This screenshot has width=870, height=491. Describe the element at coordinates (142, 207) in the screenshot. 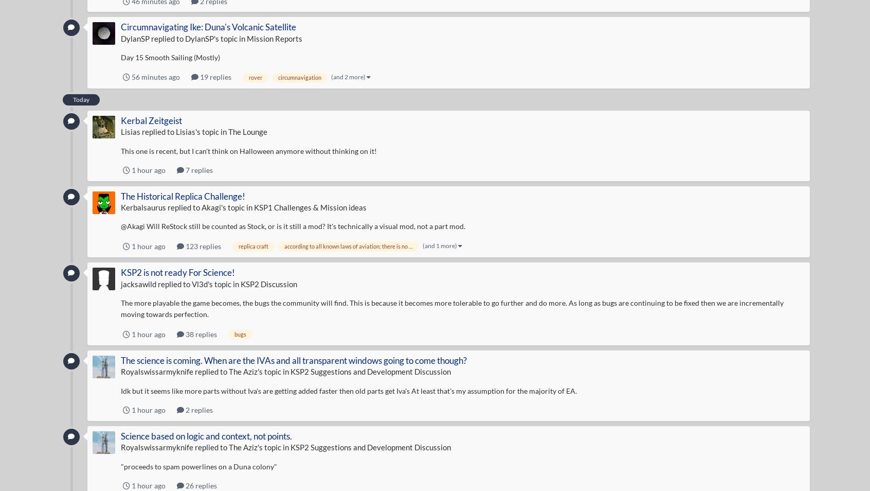

I see `'Kerbalsaurus'` at that location.